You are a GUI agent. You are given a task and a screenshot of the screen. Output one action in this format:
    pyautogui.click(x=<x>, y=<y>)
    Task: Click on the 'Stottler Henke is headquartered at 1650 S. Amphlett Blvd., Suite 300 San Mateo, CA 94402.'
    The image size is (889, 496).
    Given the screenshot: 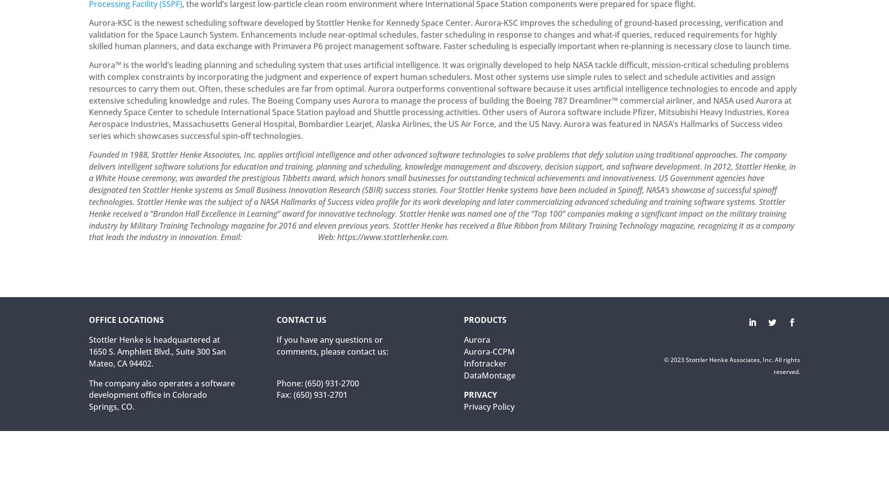 What is the action you would take?
    pyautogui.click(x=157, y=351)
    